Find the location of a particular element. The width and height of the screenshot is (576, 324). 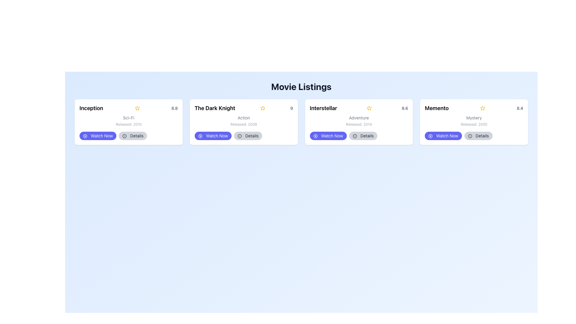

the text label displaying 'Mystery' located below the title and rating elements of the fourth card in the 'Memento' group is located at coordinates (474, 118).